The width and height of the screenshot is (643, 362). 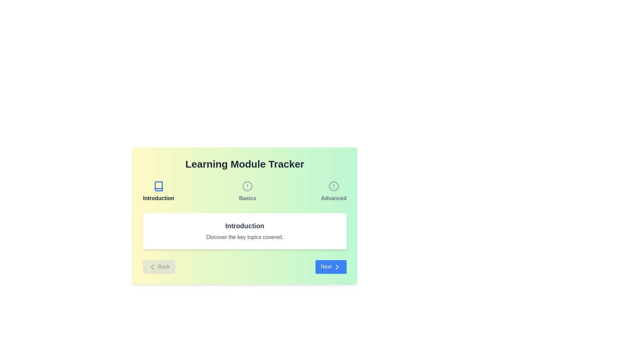 What do you see at coordinates (158, 186) in the screenshot?
I see `the 'Introduction' icon in the 'Learning Module Tracker' interface, which is positioned at the top-left corner above the 'Introduction' label` at bounding box center [158, 186].